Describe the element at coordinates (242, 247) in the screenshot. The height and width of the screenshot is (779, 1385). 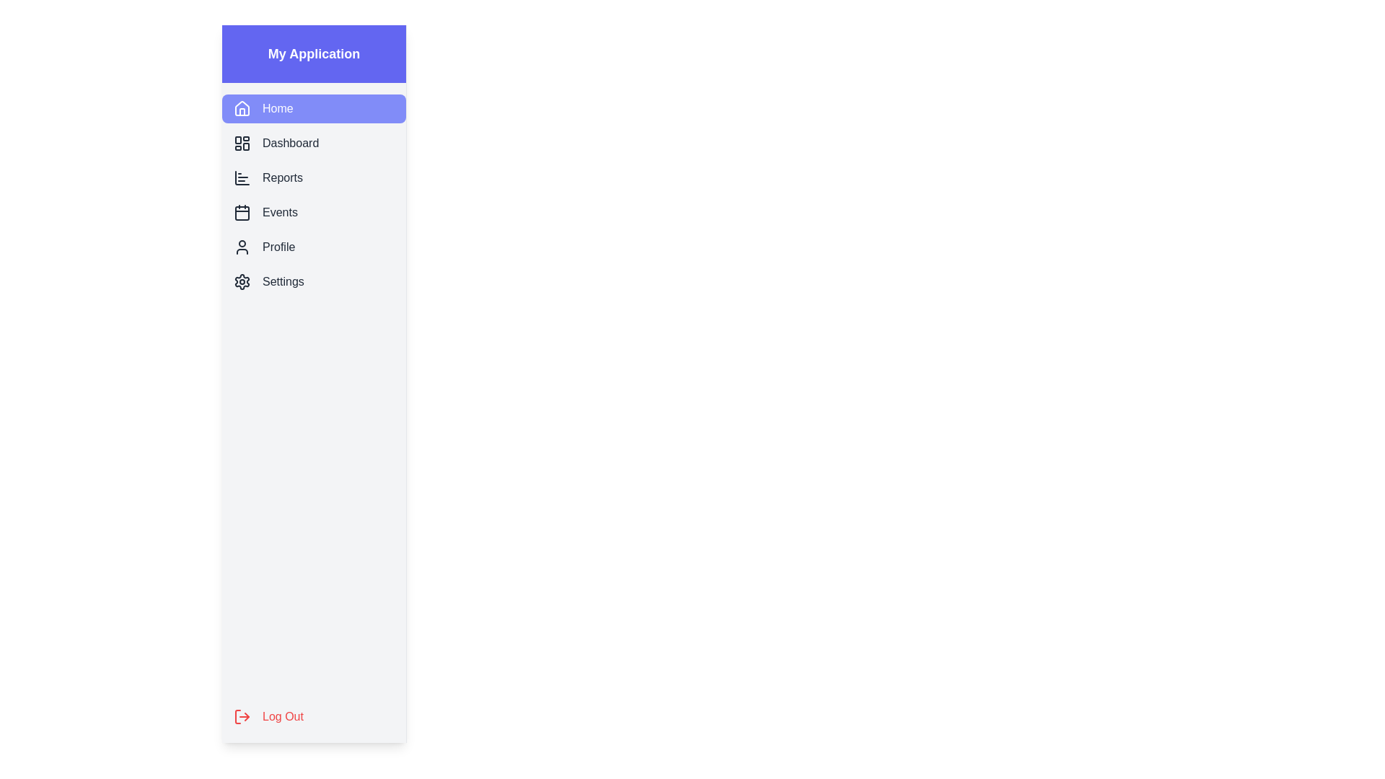
I see `the profile icon located in the lateral menu next to the 'Profile' text label` at that location.